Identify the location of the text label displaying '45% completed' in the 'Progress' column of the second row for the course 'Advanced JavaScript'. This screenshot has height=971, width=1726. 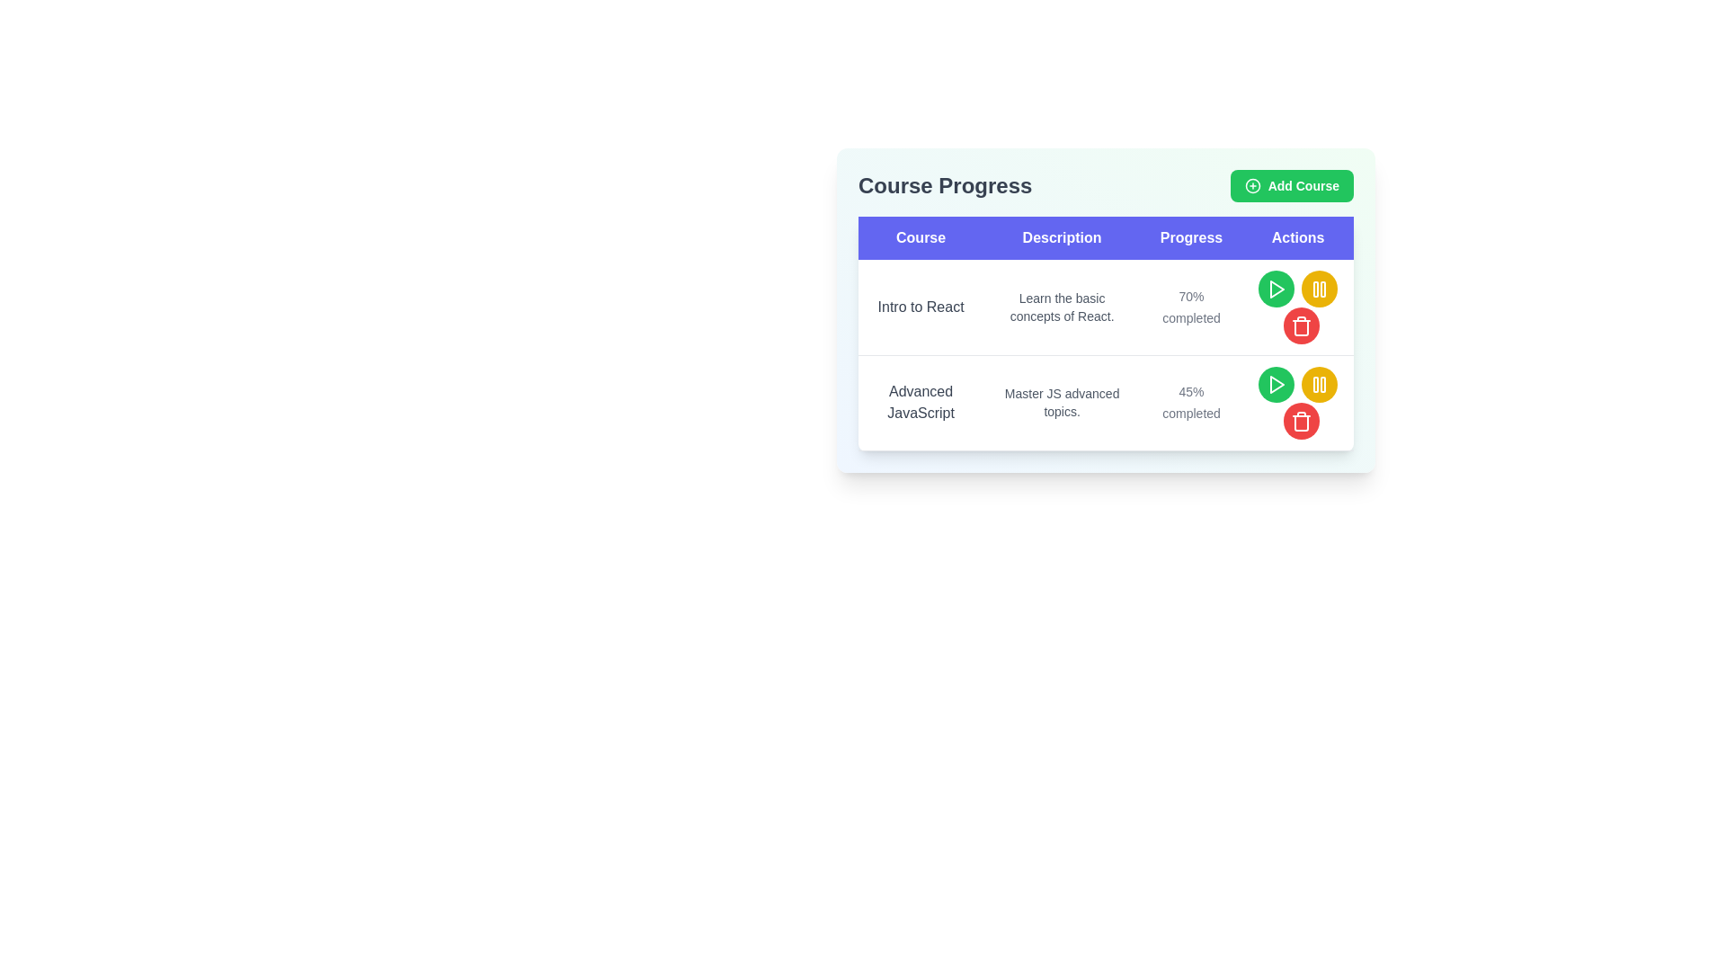
(1191, 402).